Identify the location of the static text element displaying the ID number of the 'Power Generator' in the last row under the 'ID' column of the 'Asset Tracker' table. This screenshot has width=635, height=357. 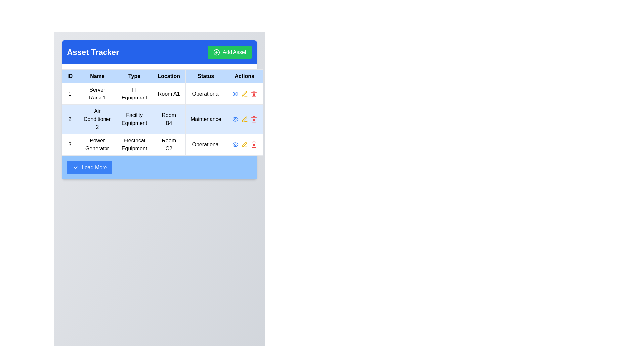
(70, 144).